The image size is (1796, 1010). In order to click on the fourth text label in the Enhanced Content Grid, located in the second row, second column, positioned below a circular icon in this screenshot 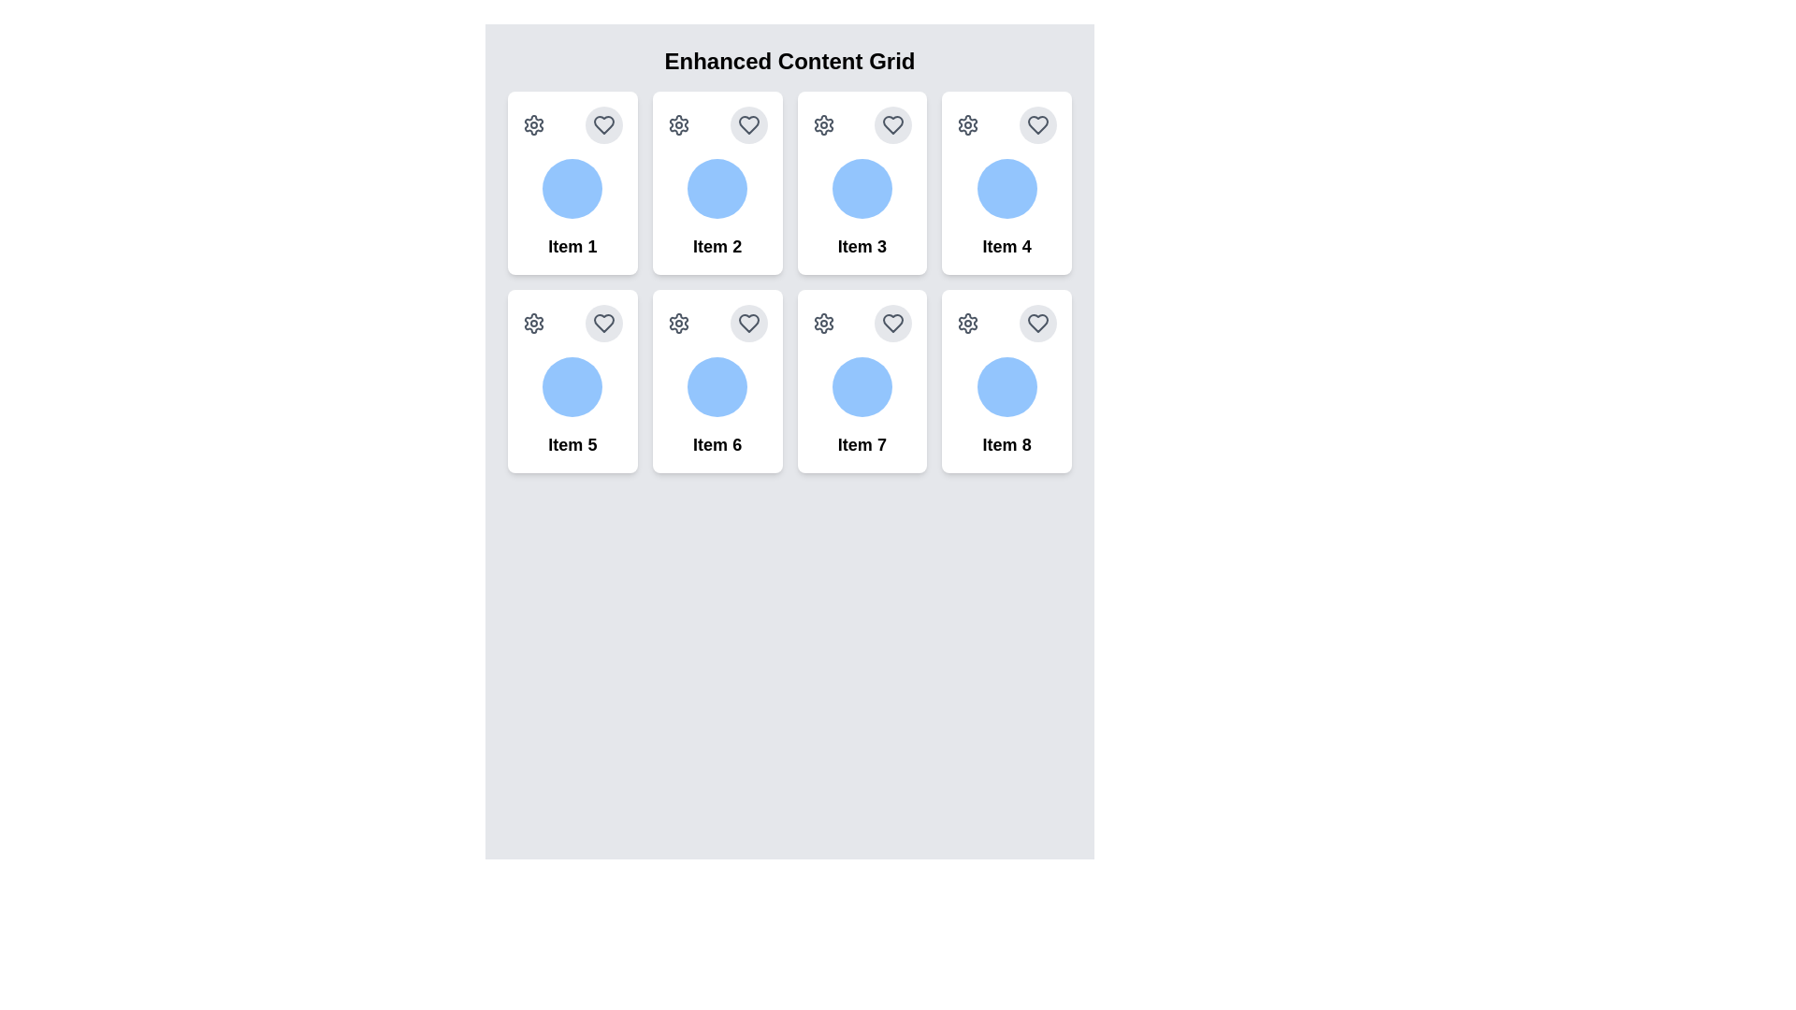, I will do `click(1006, 245)`.